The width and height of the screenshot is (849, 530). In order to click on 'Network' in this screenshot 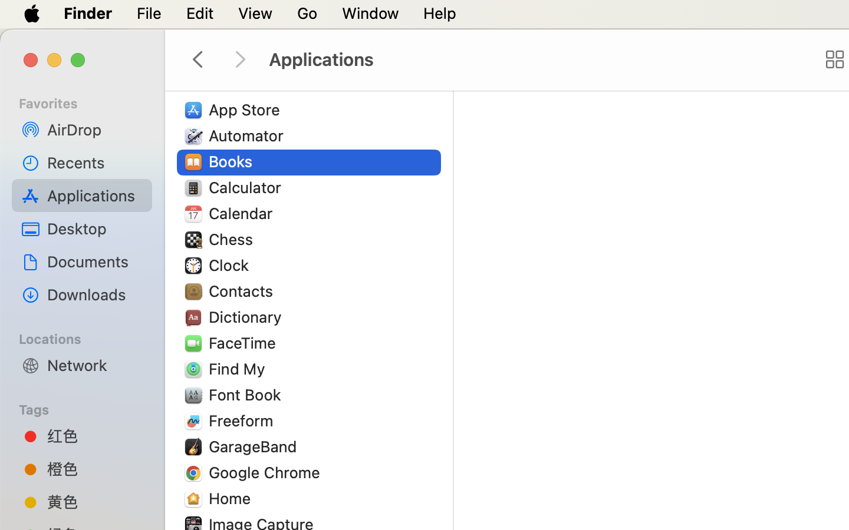, I will do `click(94, 365)`.